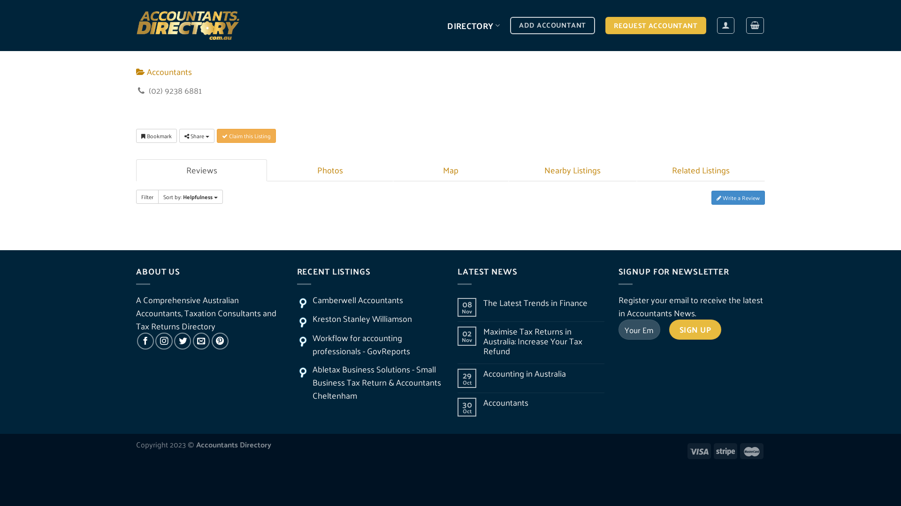 This screenshot has width=901, height=506. I want to click on 'Kreston Stanley Williamson', so click(362, 318).